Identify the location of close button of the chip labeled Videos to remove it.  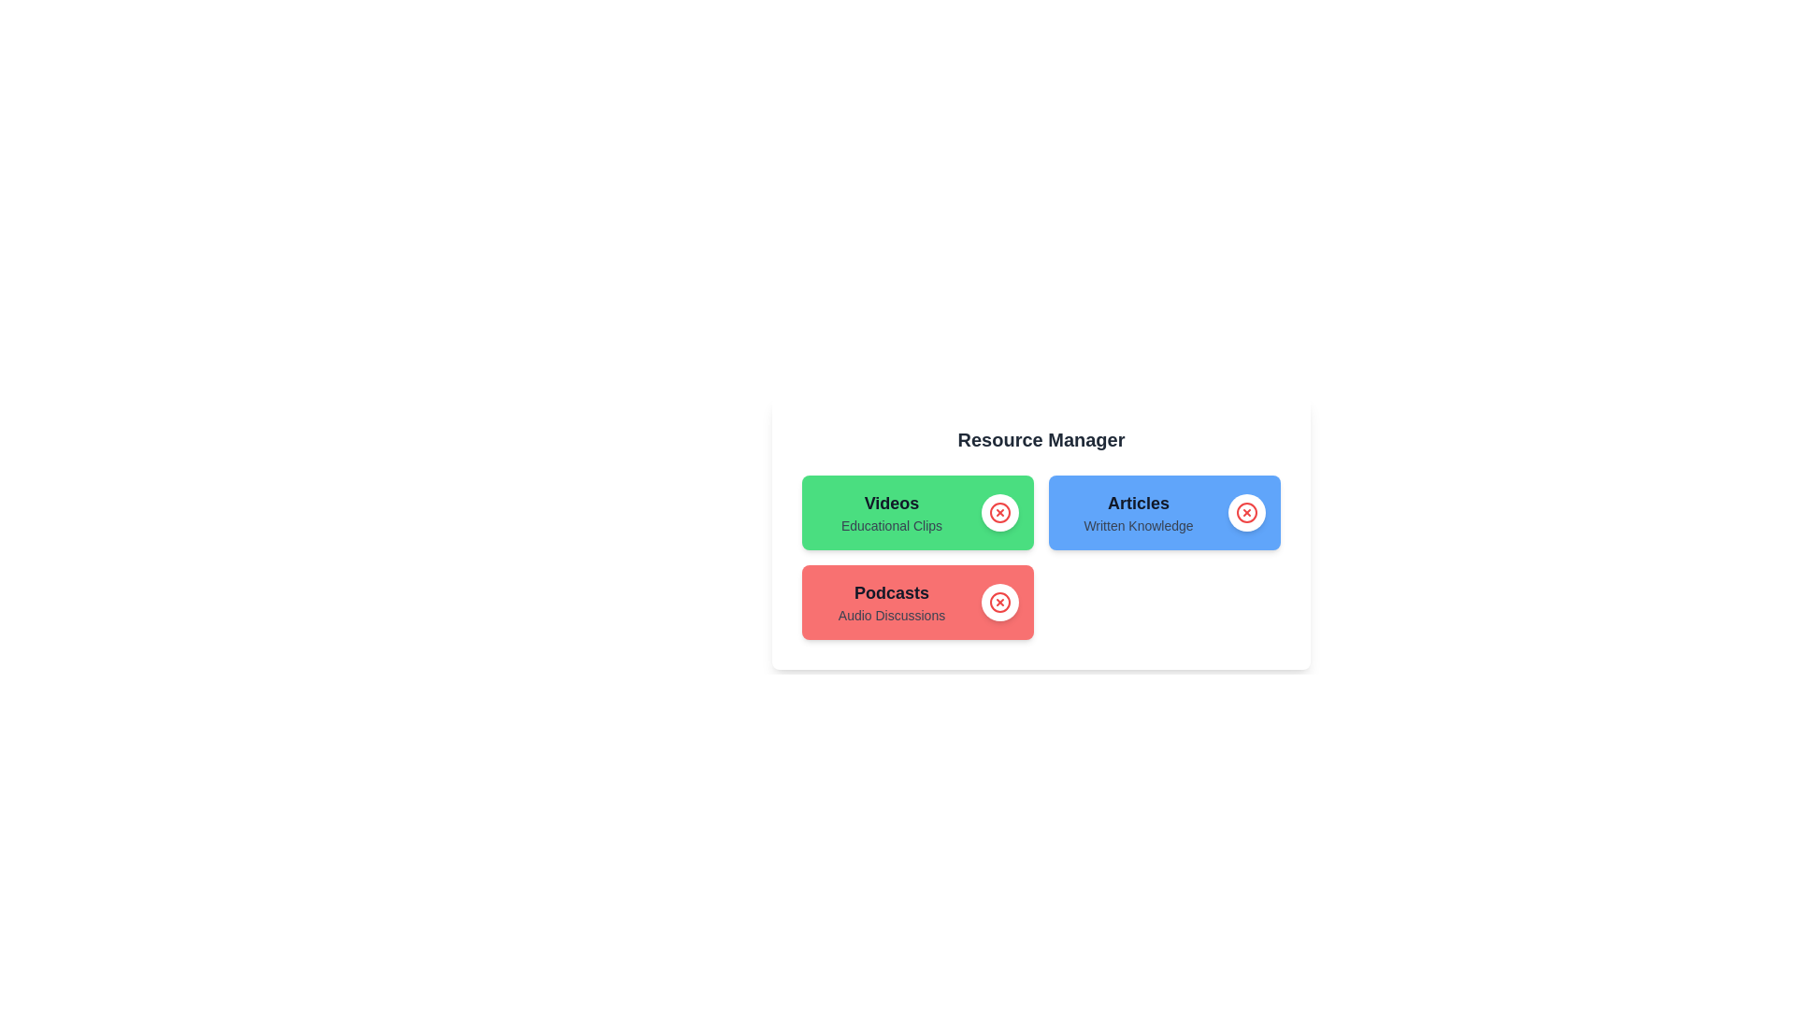
(999, 512).